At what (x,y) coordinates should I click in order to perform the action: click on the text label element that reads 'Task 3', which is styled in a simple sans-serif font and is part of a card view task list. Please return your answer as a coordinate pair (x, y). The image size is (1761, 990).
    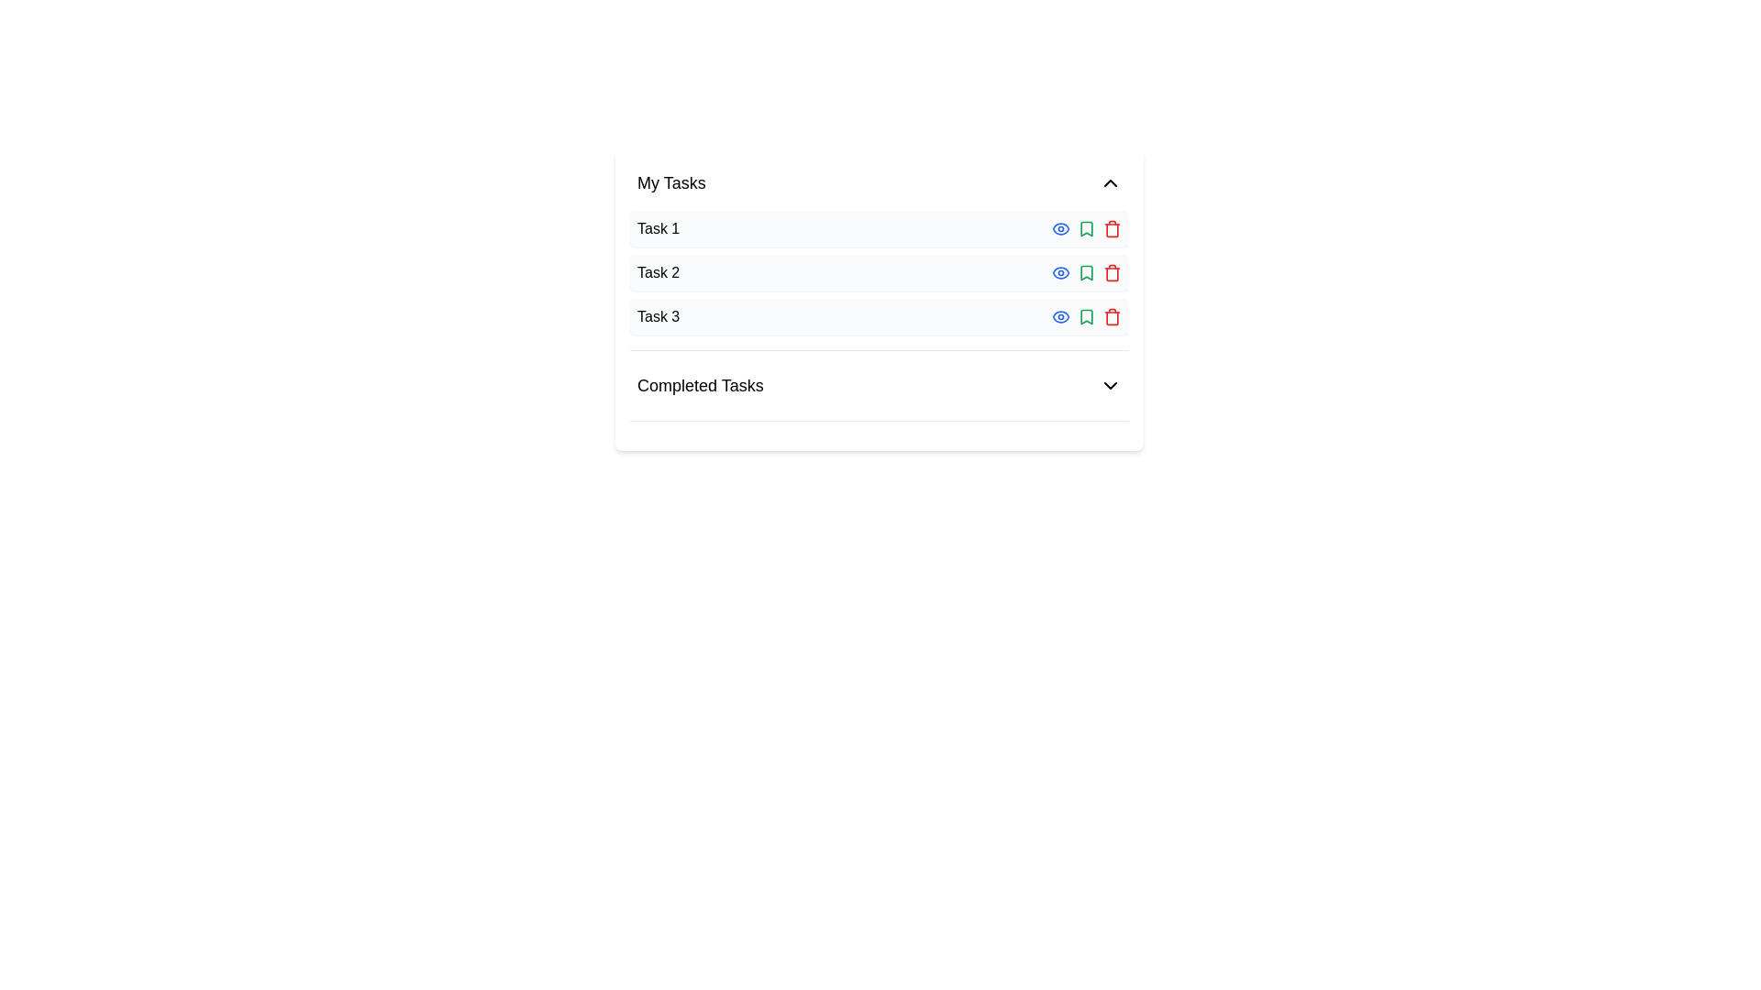
    Looking at the image, I should click on (659, 316).